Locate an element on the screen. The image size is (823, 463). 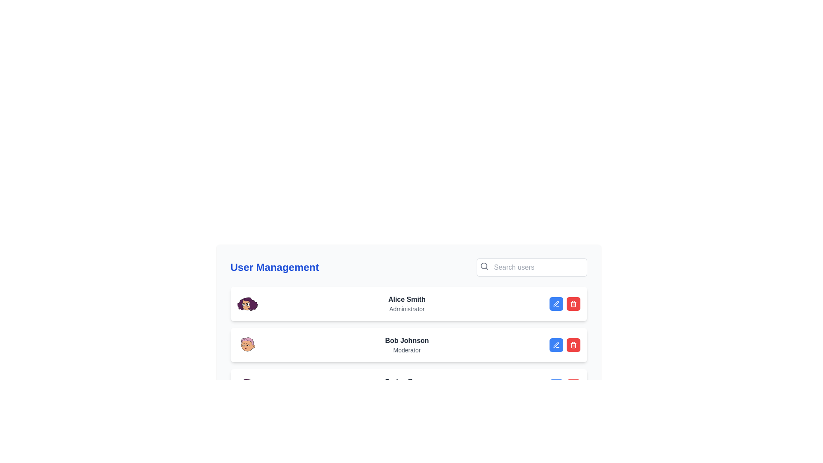
the circular user avatar of 'Alice Smith, Administrator' is located at coordinates (247, 304).